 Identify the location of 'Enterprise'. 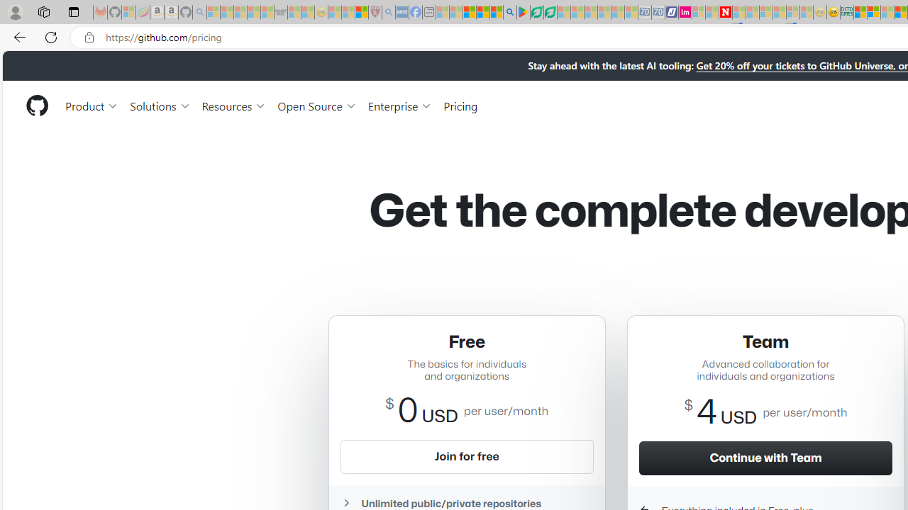
(399, 105).